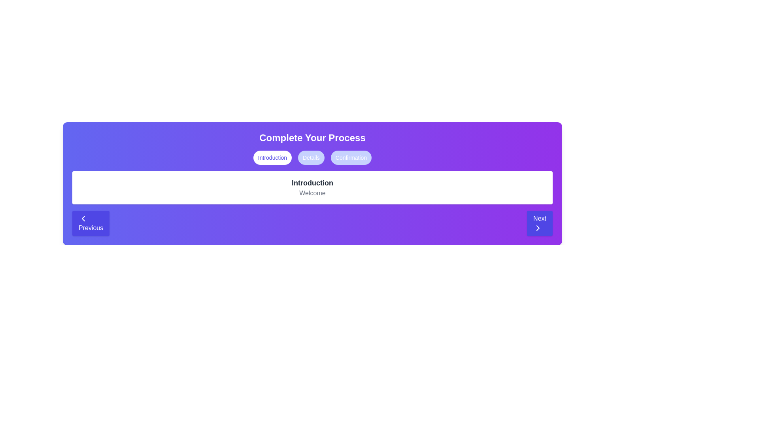 The height and width of the screenshot is (427, 759). I want to click on the Text header element, which serves as the title for the surrounding section in the card-like interface, so click(312, 137).